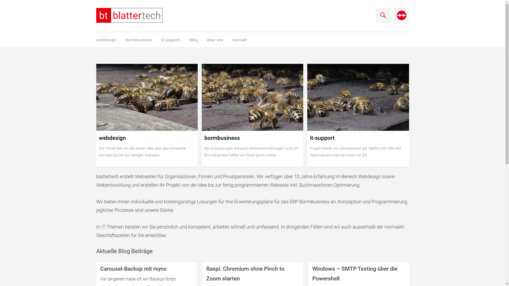 This screenshot has height=286, width=509. I want to click on 'blattertech informatik', so click(129, 15).